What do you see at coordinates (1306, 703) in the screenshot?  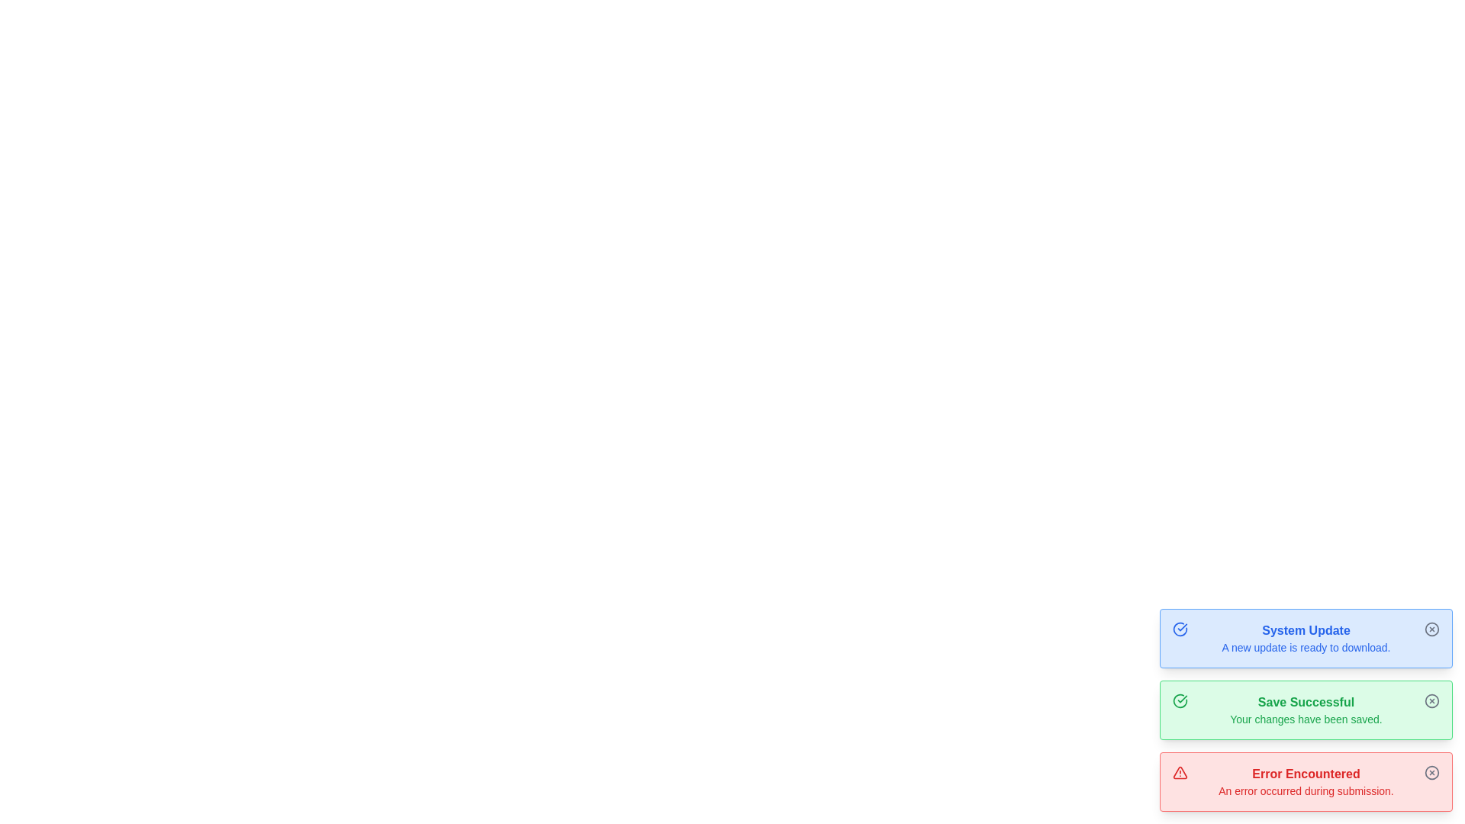 I see `the notification header text label indicating a successful save action, located at the center-top of the second notification box in a vertical stack` at bounding box center [1306, 703].